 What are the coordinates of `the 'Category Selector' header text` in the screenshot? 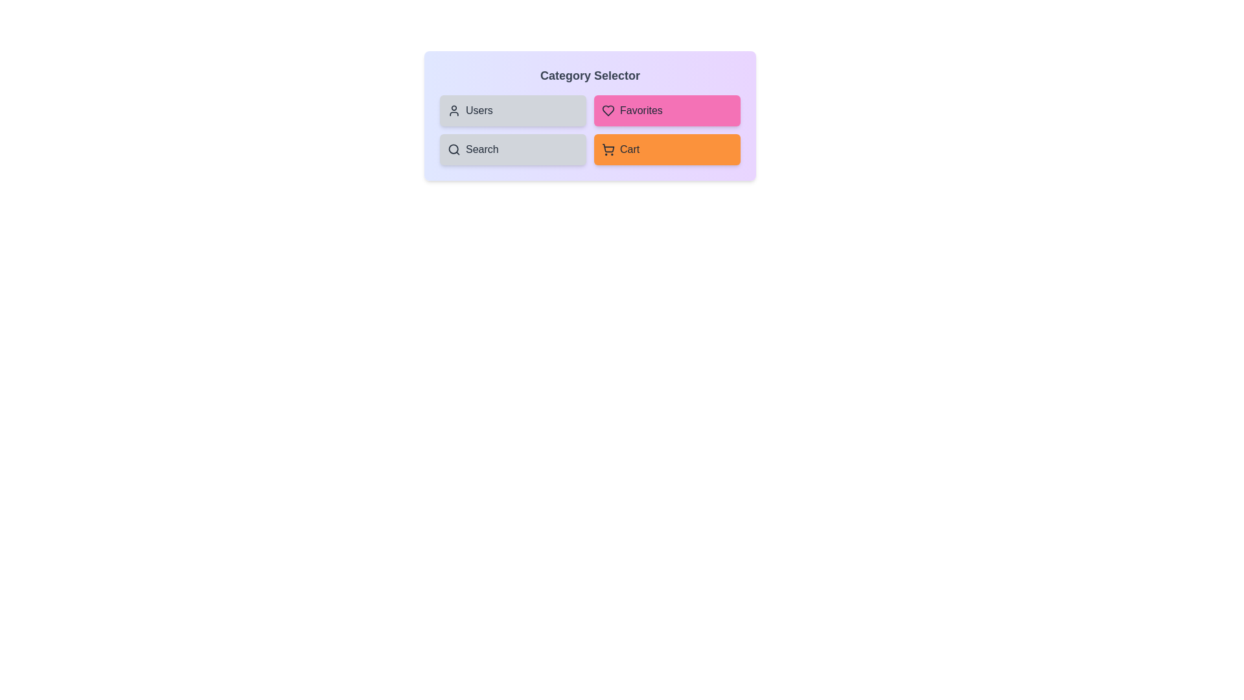 It's located at (590, 75).